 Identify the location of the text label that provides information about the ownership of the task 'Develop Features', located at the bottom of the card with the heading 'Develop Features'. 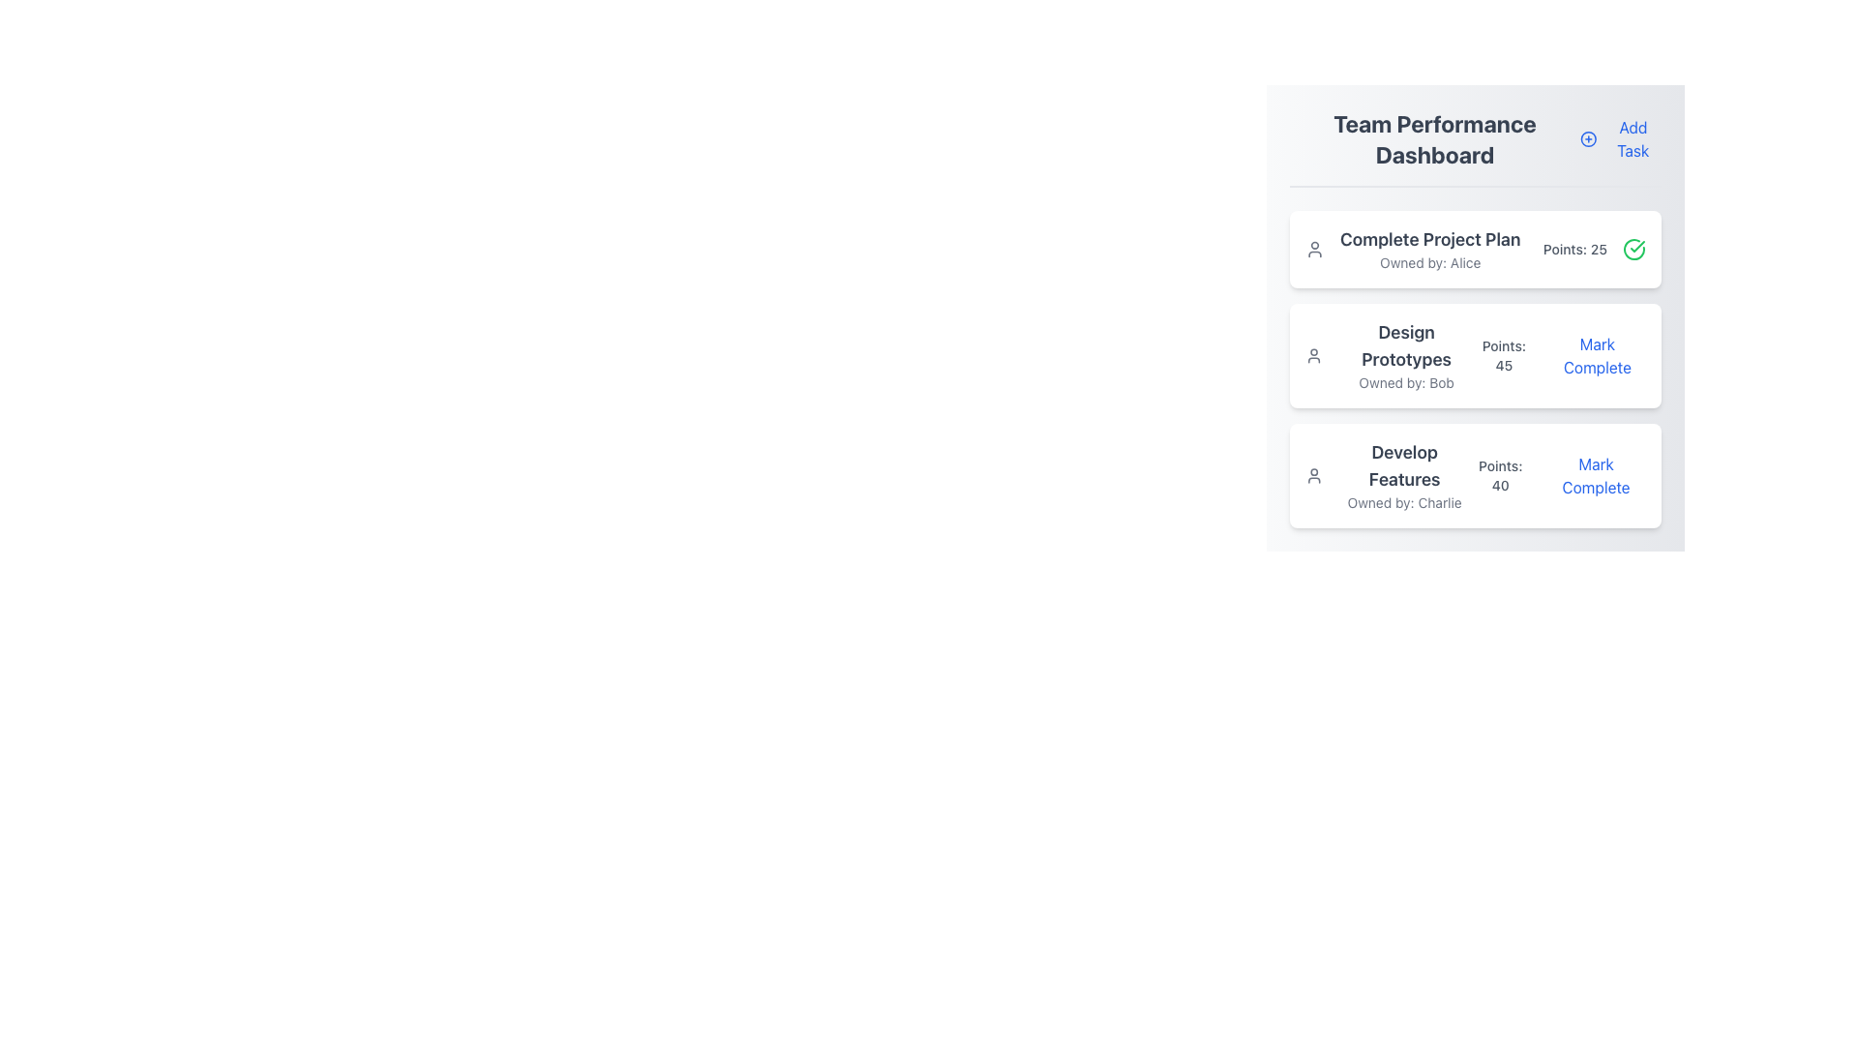
(1404, 502).